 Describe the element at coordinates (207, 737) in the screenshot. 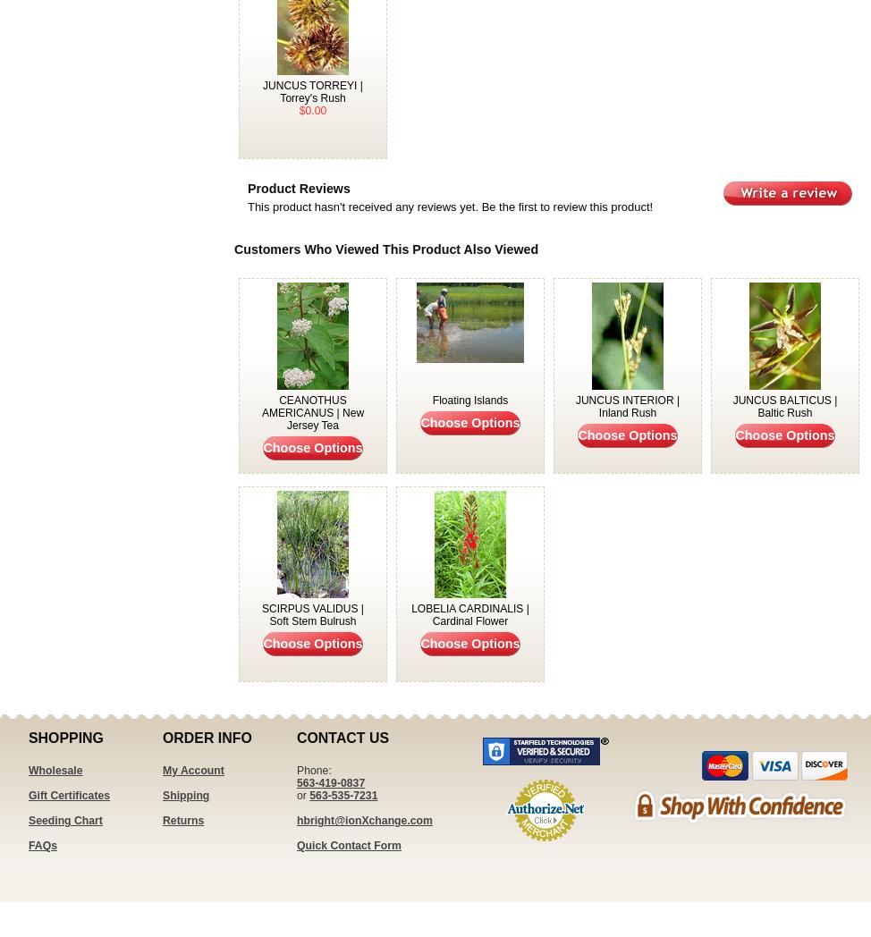

I see `'ORDER INFO'` at that location.